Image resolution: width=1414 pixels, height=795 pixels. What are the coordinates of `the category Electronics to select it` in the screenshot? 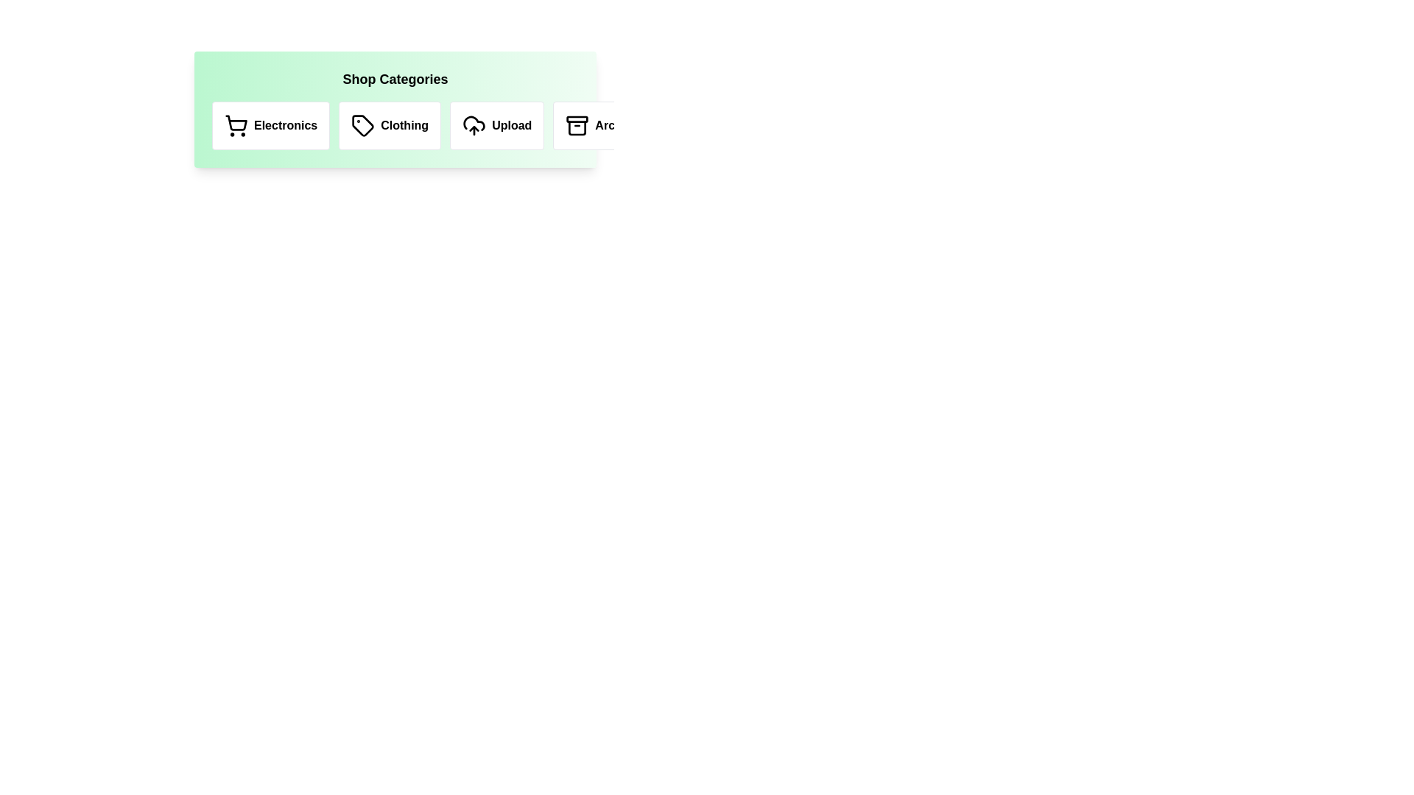 It's located at (271, 124).